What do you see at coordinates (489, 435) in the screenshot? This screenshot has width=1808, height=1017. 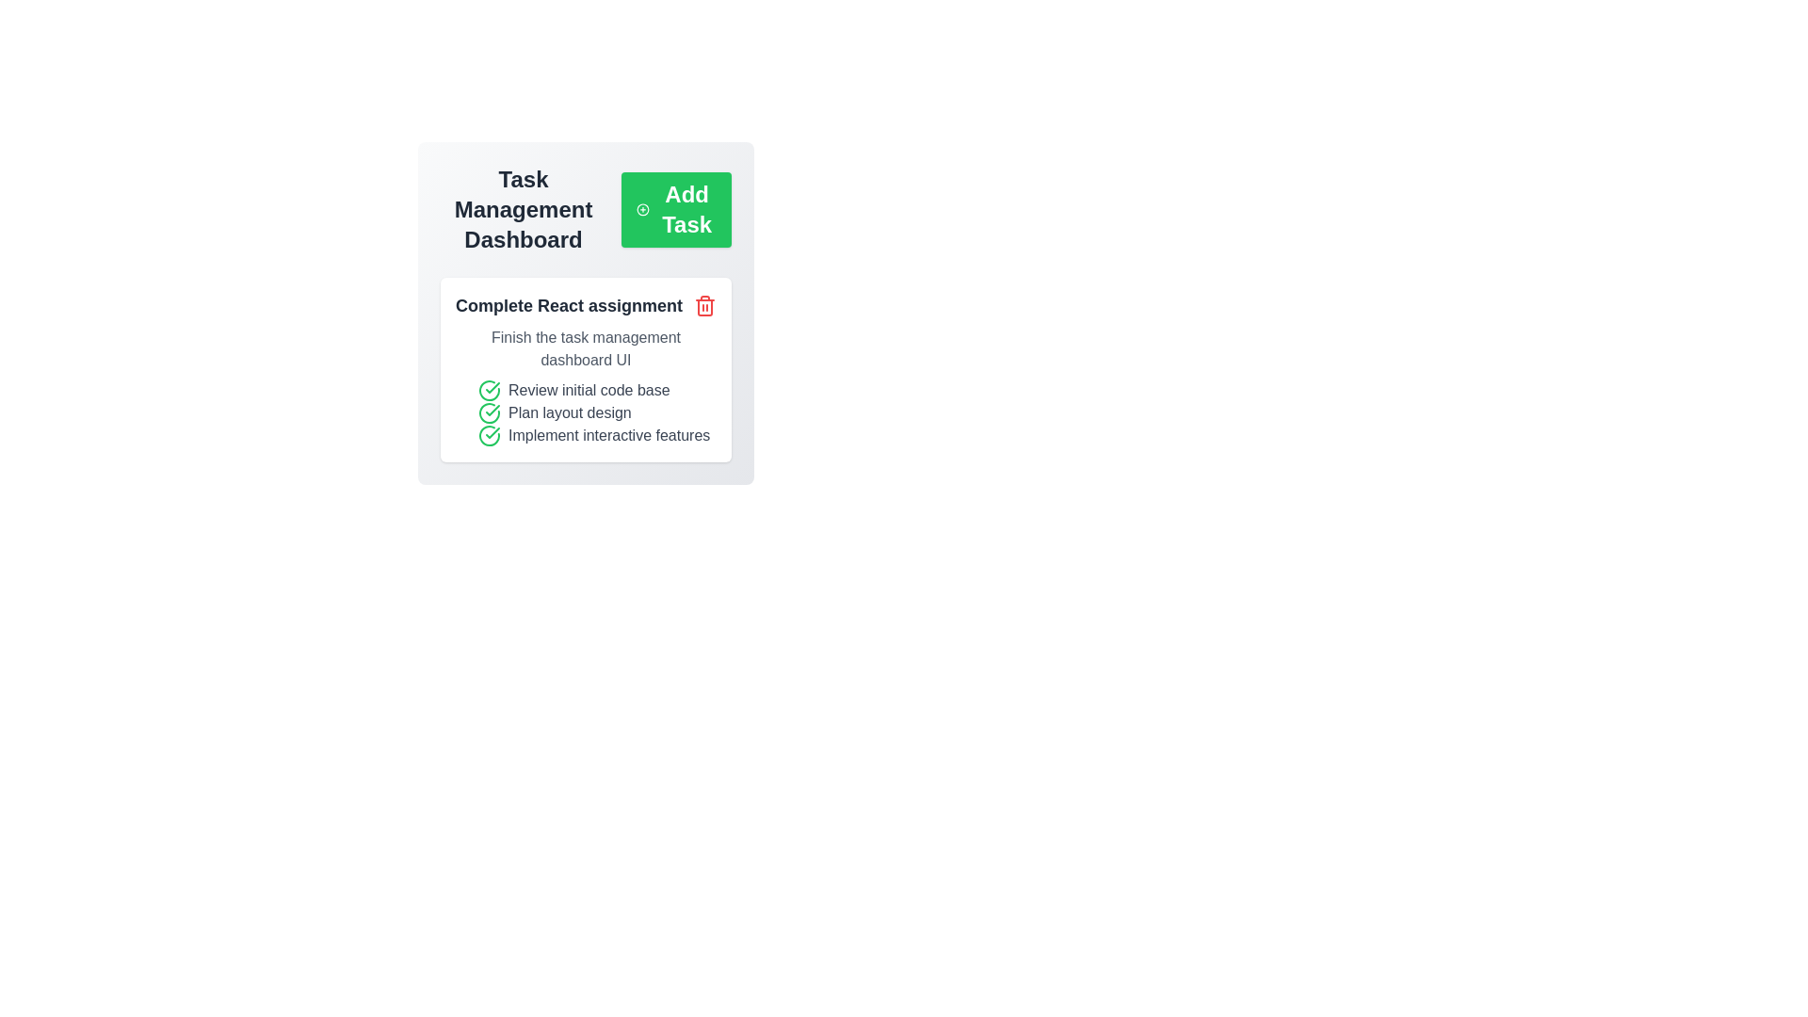 I see `the completion icon in the 'Implement interactive features' row to indicate task status` at bounding box center [489, 435].